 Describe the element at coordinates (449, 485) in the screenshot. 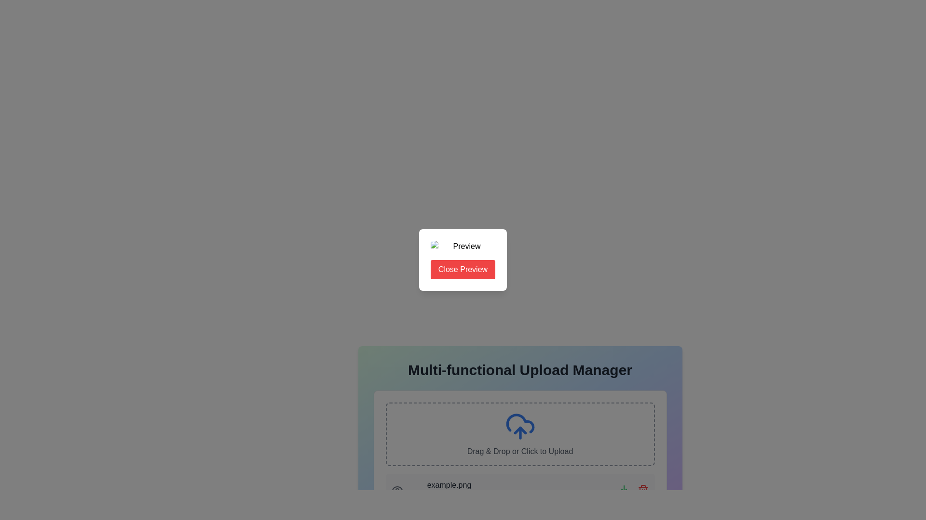

I see `file name from the text label displaying 'example.png', which is positioned above the size descriptor '2.0 KB' at the bottom center of the interface` at that location.